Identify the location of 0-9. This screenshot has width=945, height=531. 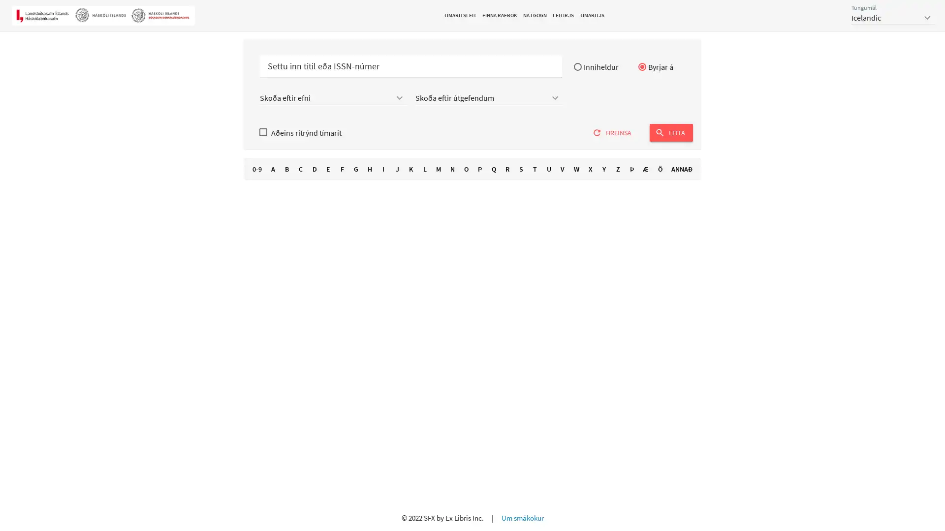
(257, 168).